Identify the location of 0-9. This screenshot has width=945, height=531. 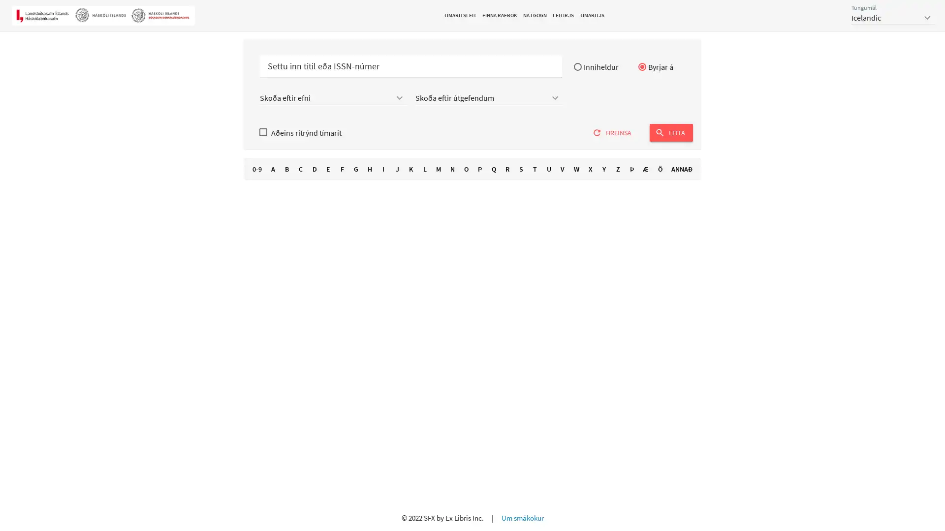
(257, 168).